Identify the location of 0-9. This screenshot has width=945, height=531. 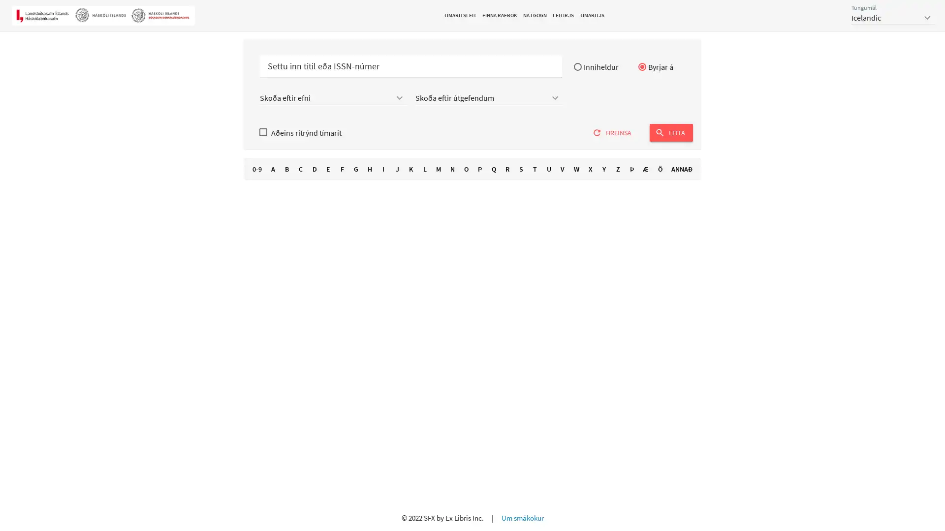
(257, 168).